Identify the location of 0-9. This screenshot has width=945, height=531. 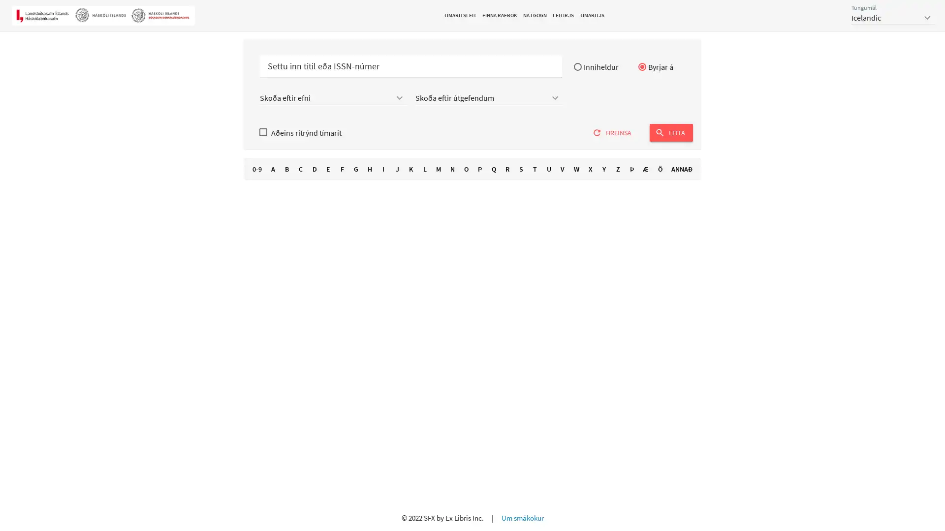
(257, 168).